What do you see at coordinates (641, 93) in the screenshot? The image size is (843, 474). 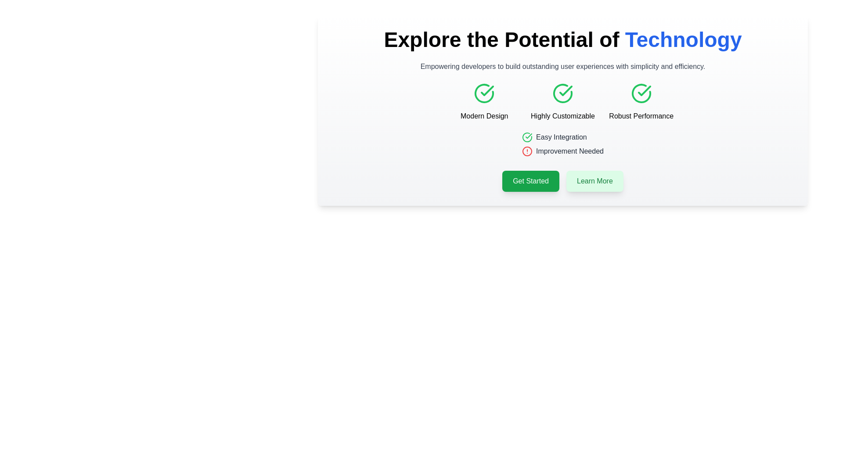 I see `the green circular checkmark icon located above the 'Robust Performance' heading in the third section of the interface` at bounding box center [641, 93].